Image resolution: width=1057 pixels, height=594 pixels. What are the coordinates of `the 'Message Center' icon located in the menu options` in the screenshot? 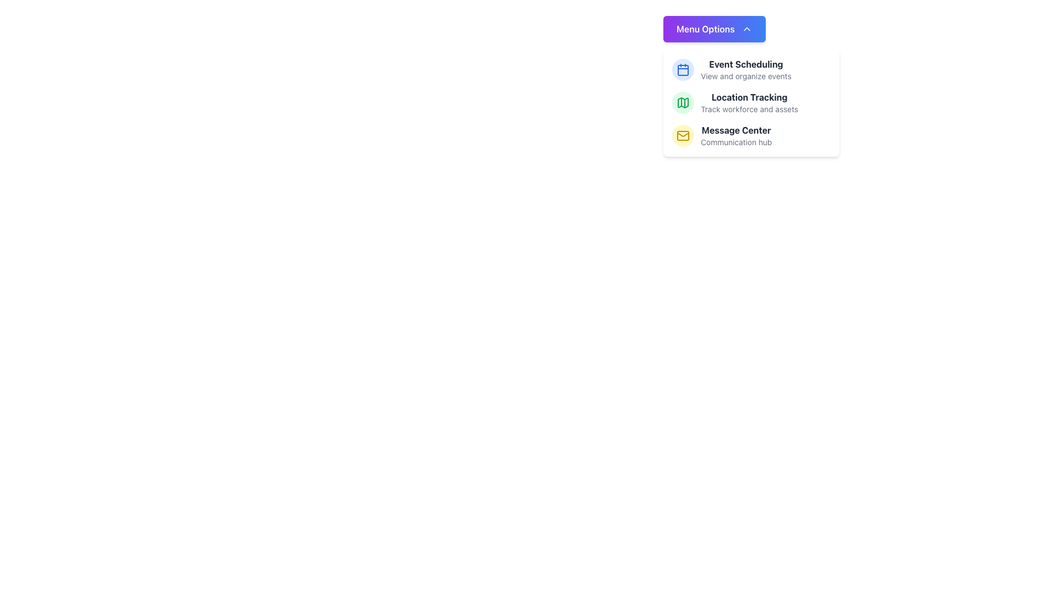 It's located at (683, 135).